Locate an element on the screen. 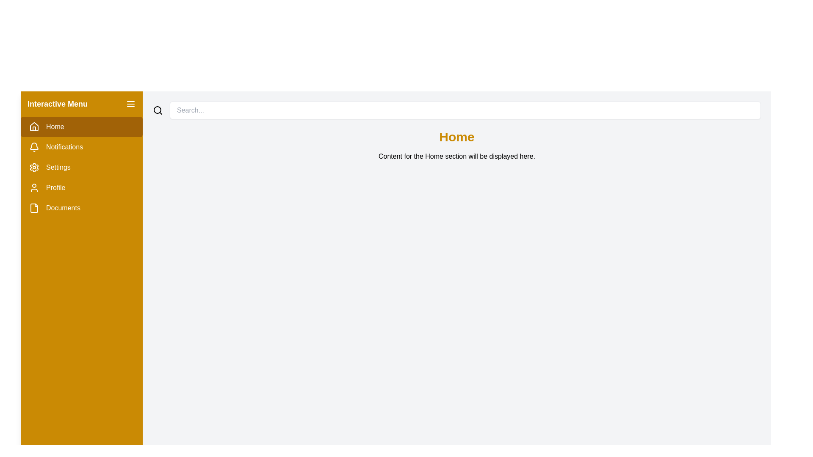  the 'Home' icon in the interactive sidebar menu, which is positioned towards the upper-left portion of the interface is located at coordinates (34, 129).